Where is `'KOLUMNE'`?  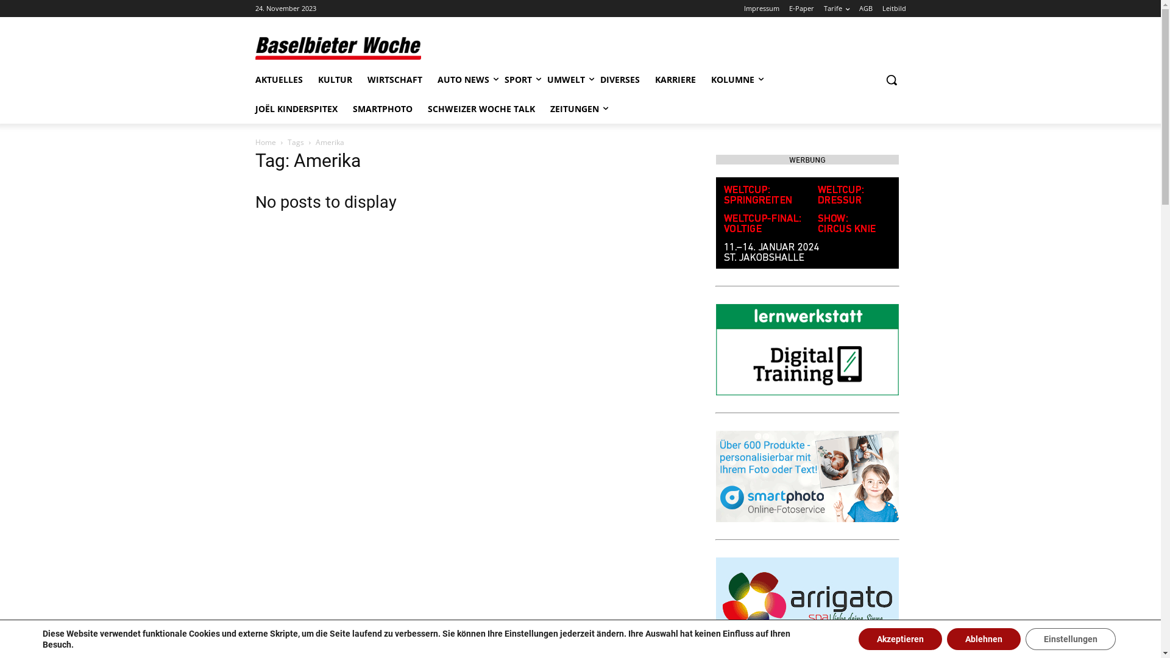
'KOLUMNE' is located at coordinates (731, 80).